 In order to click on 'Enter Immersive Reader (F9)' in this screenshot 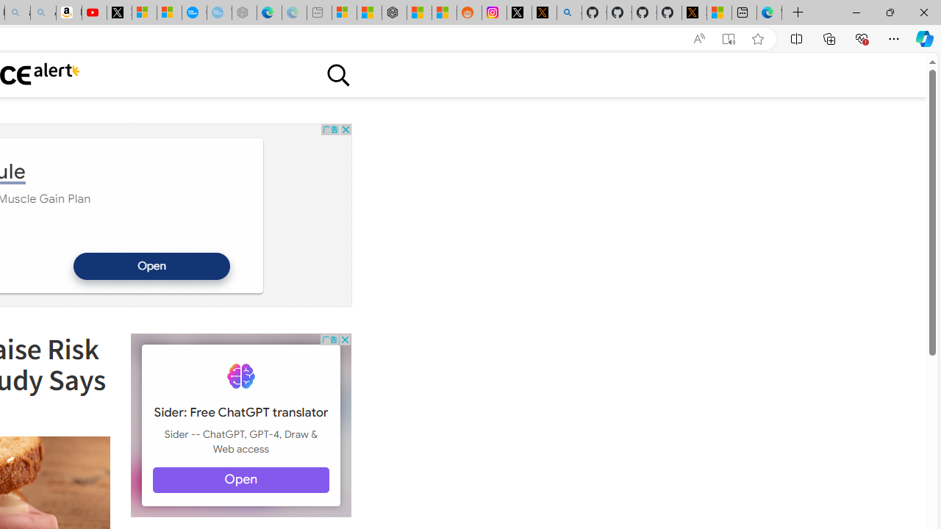, I will do `click(729, 38)`.